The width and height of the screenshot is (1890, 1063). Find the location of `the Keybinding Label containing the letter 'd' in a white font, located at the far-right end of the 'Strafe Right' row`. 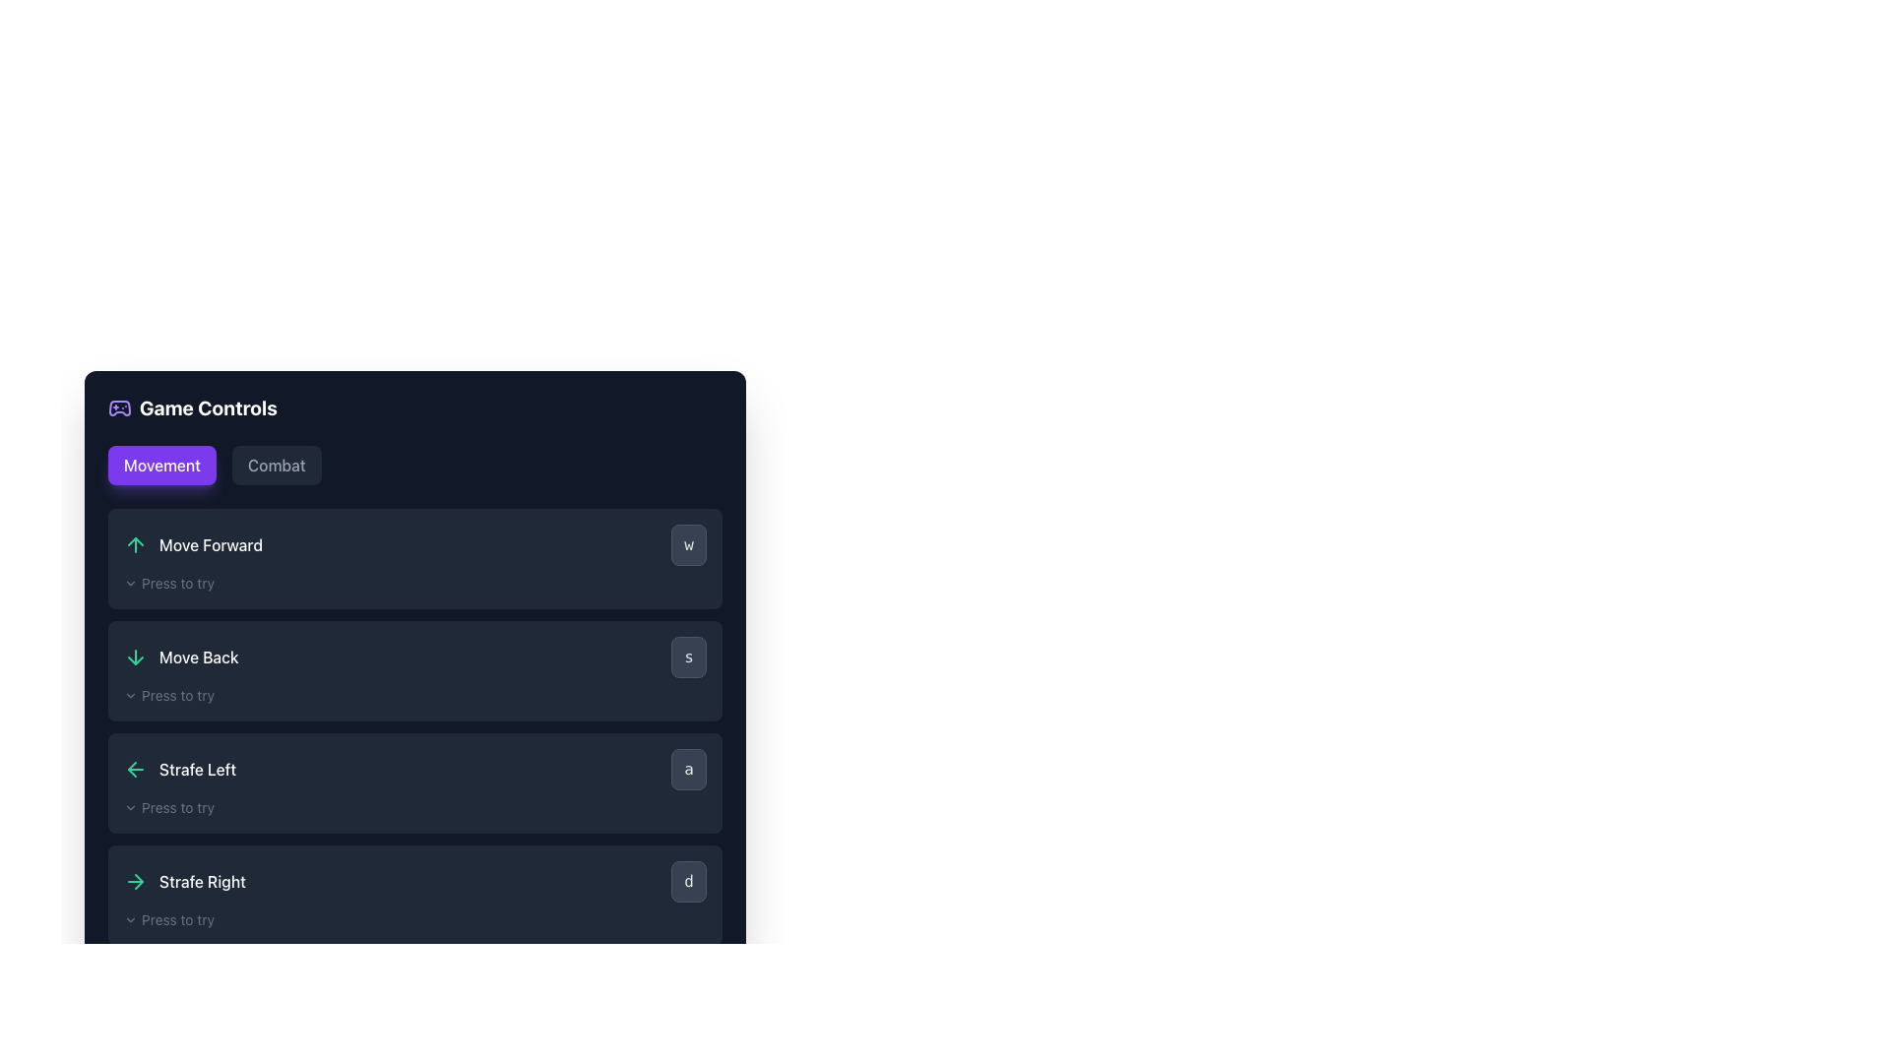

the Keybinding Label containing the letter 'd' in a white font, located at the far-right end of the 'Strafe Right' row is located at coordinates (689, 880).